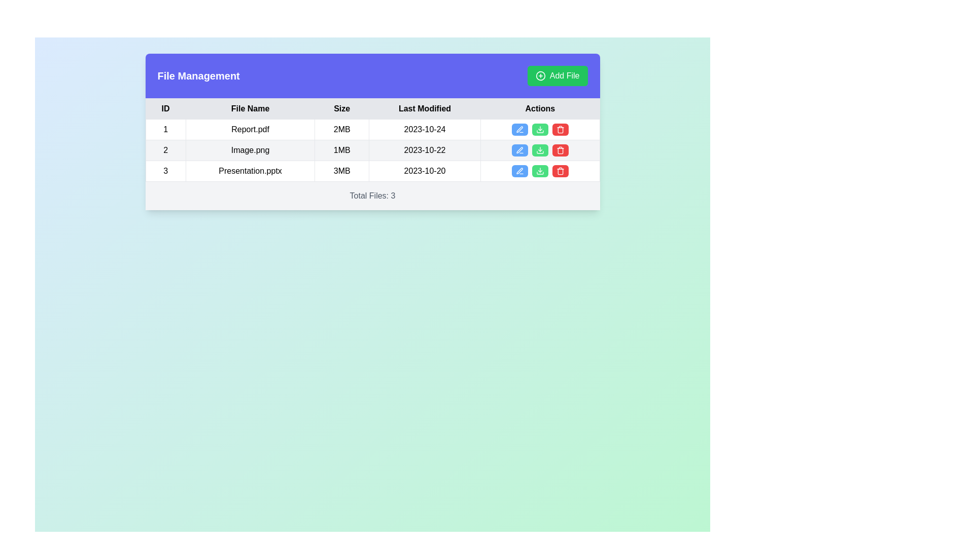  Describe the element at coordinates (539, 129) in the screenshot. I see `the download button located in the 'Actions' column of the first row in the file information table` at that location.